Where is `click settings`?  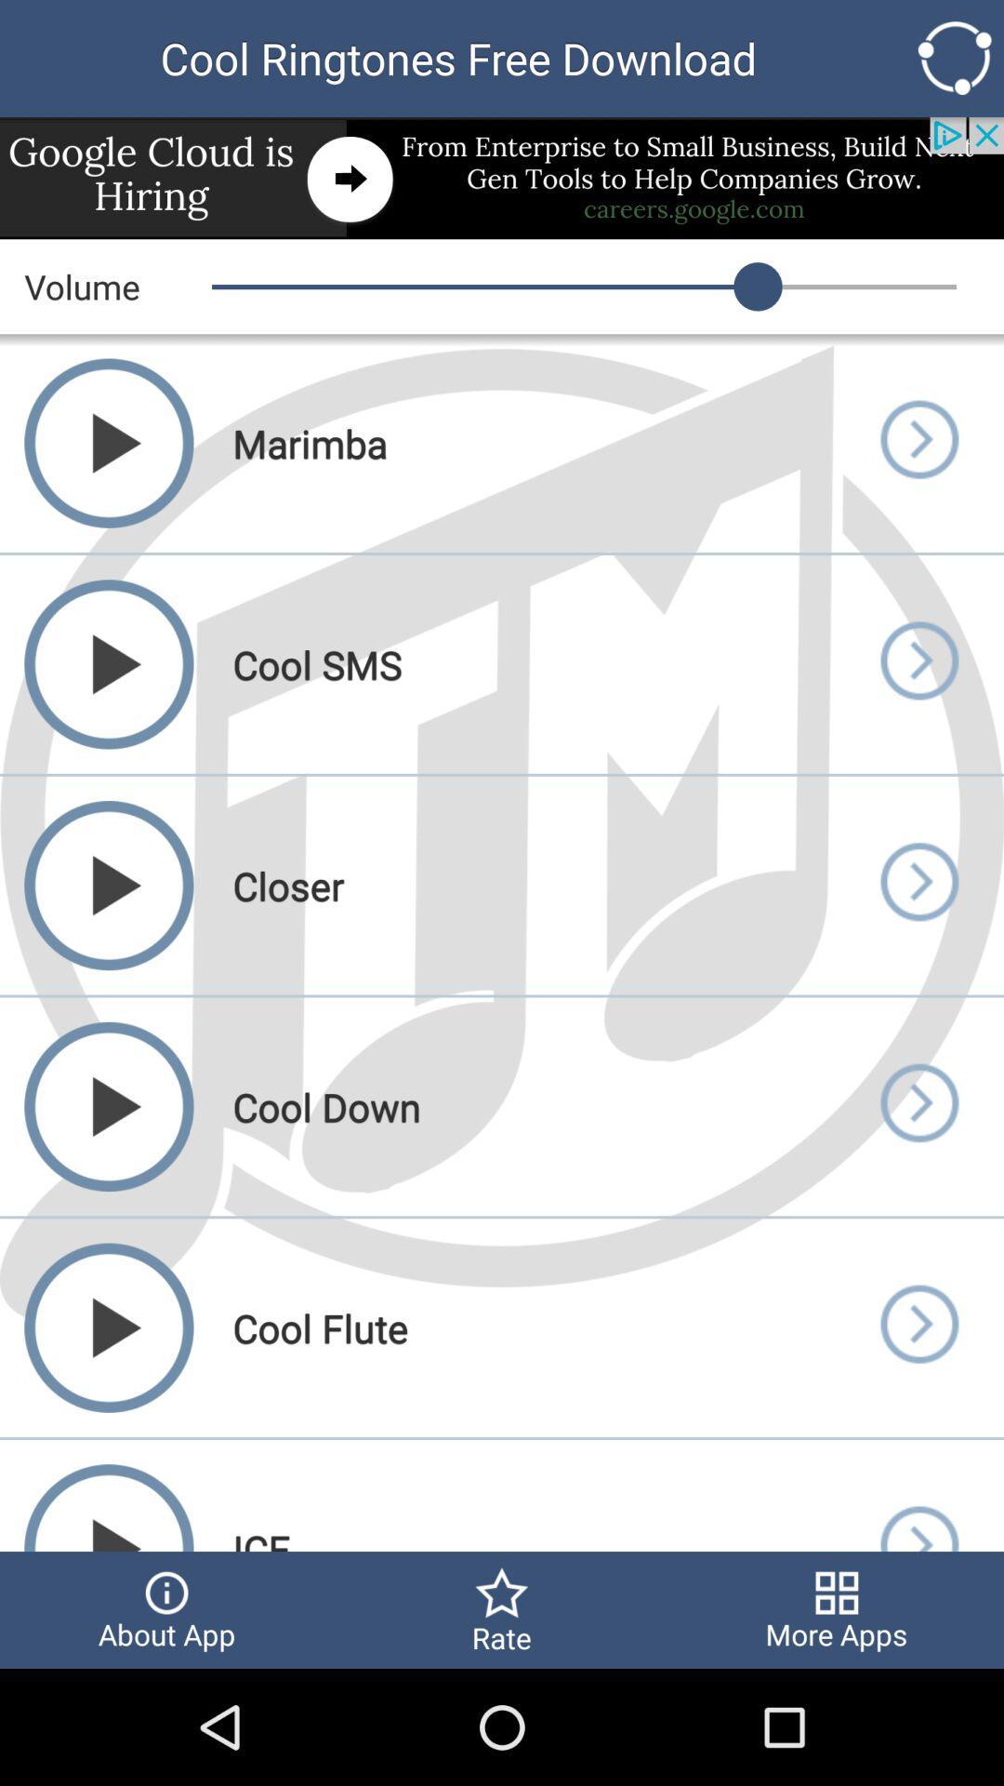
click settings is located at coordinates (955, 58).